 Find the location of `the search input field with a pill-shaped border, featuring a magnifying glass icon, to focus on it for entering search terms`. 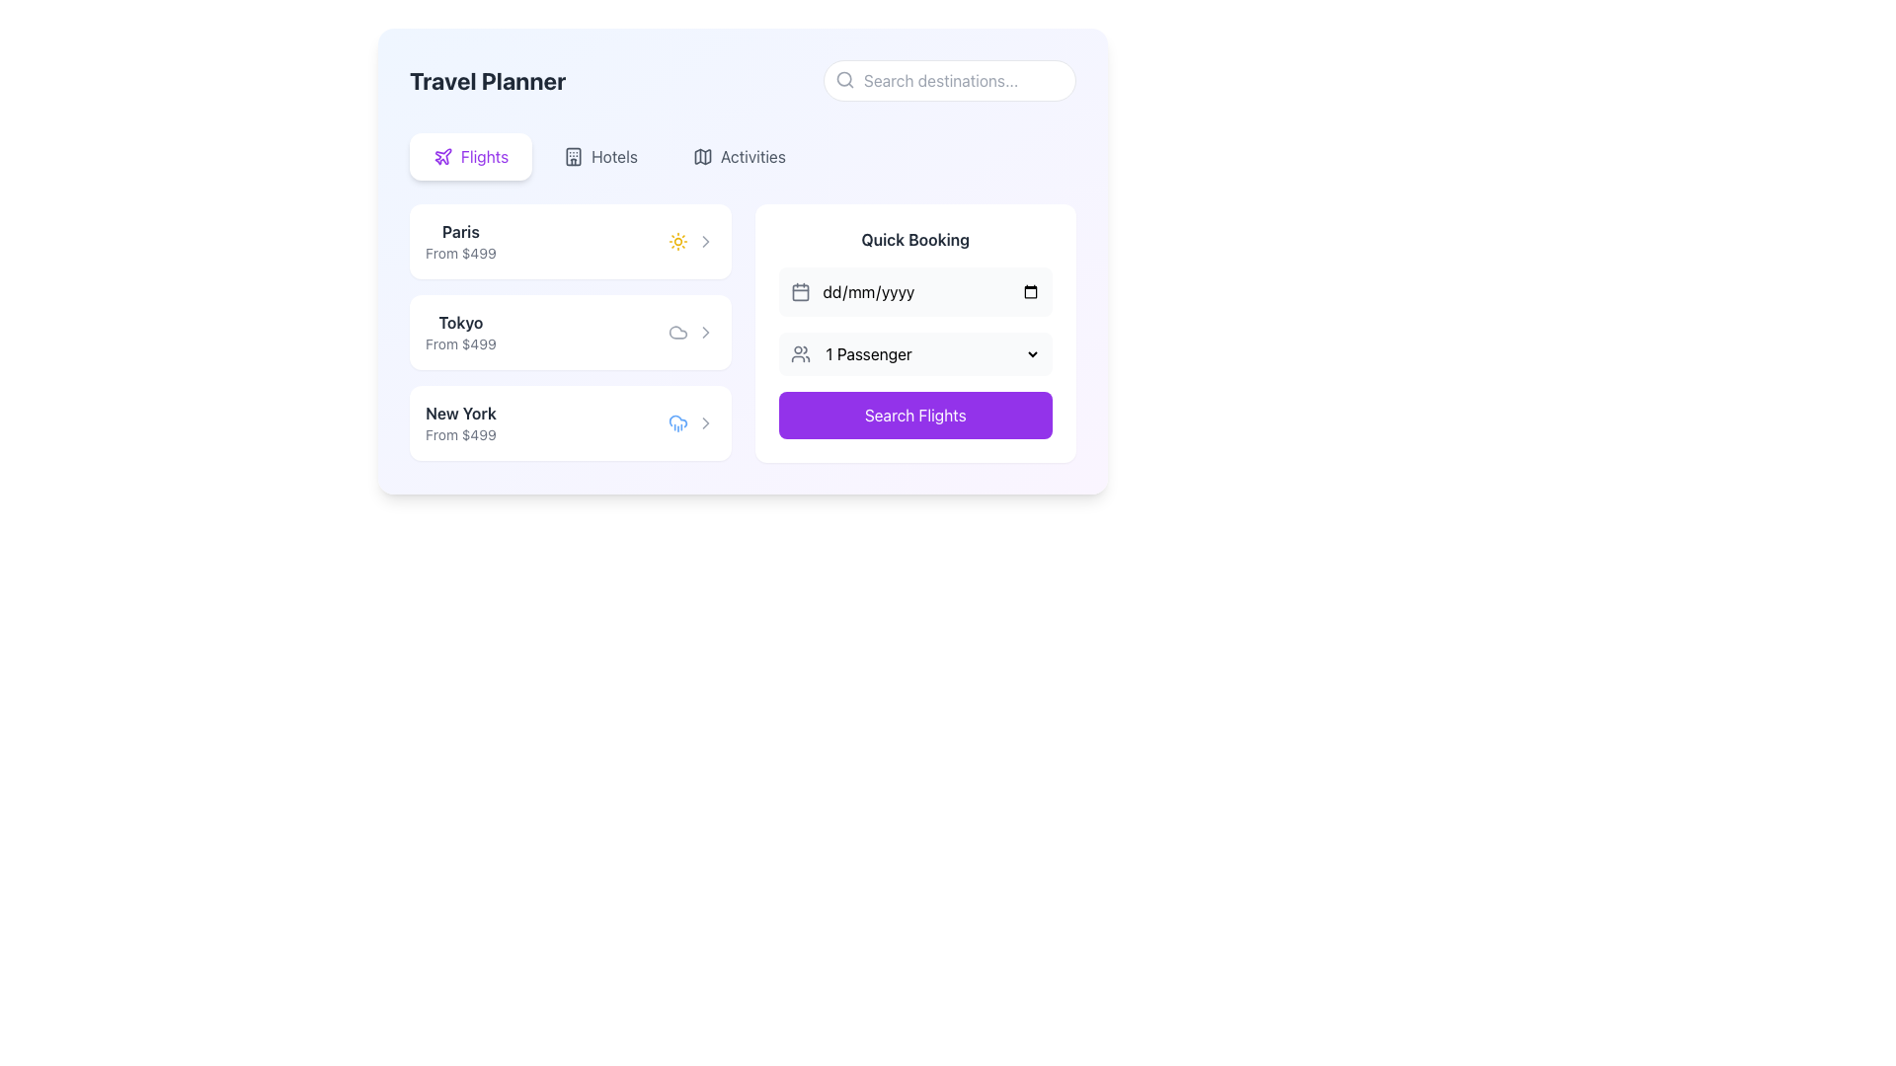

the search input field with a pill-shaped border, featuring a magnifying glass icon, to focus on it for entering search terms is located at coordinates (949, 79).